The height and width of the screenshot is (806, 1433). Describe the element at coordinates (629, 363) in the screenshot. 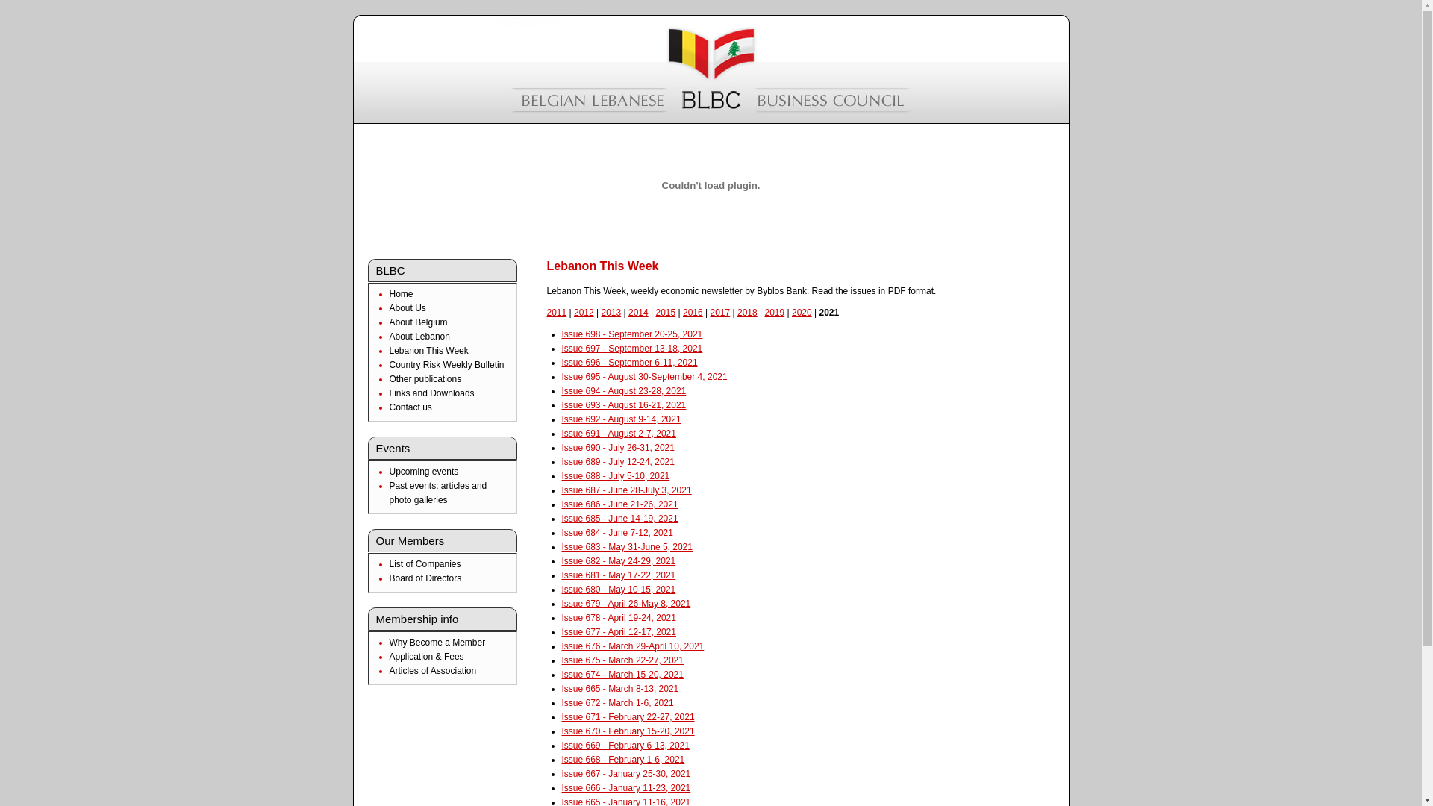

I see `'Issue 696 - September 6-11, 2021'` at that location.